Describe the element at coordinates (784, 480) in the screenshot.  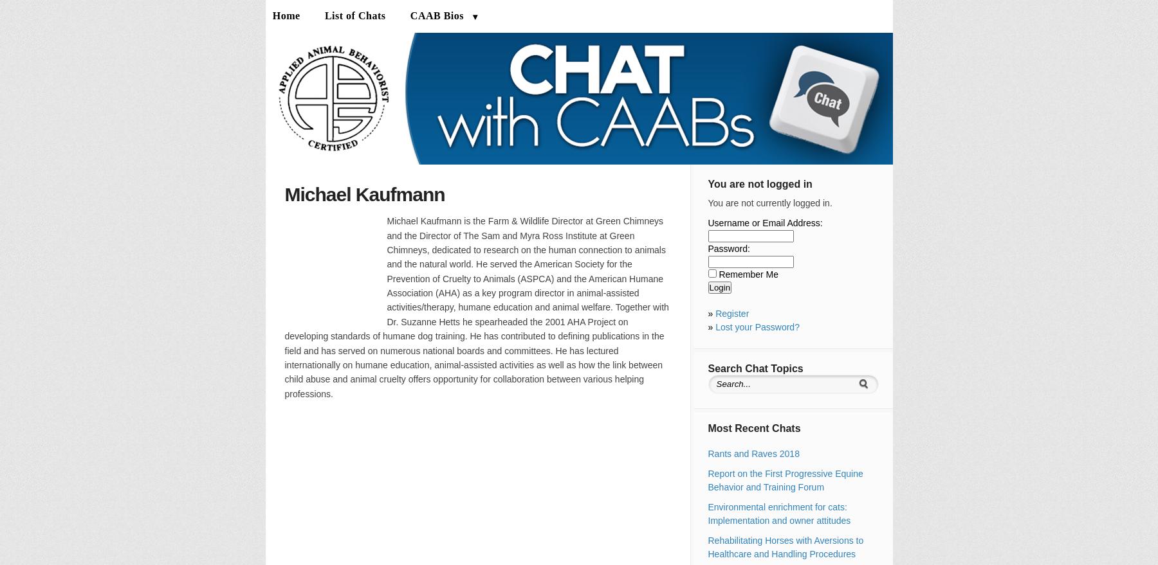
I see `'Report on the First Progressive Equine Behavior and Training Forum'` at that location.